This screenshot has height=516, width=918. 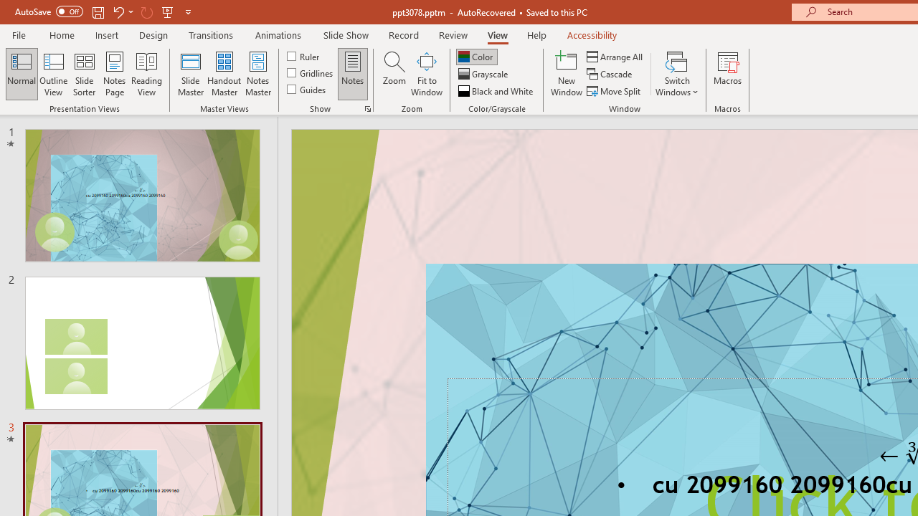 What do you see at coordinates (310, 72) in the screenshot?
I see `'Gridlines'` at bounding box center [310, 72].